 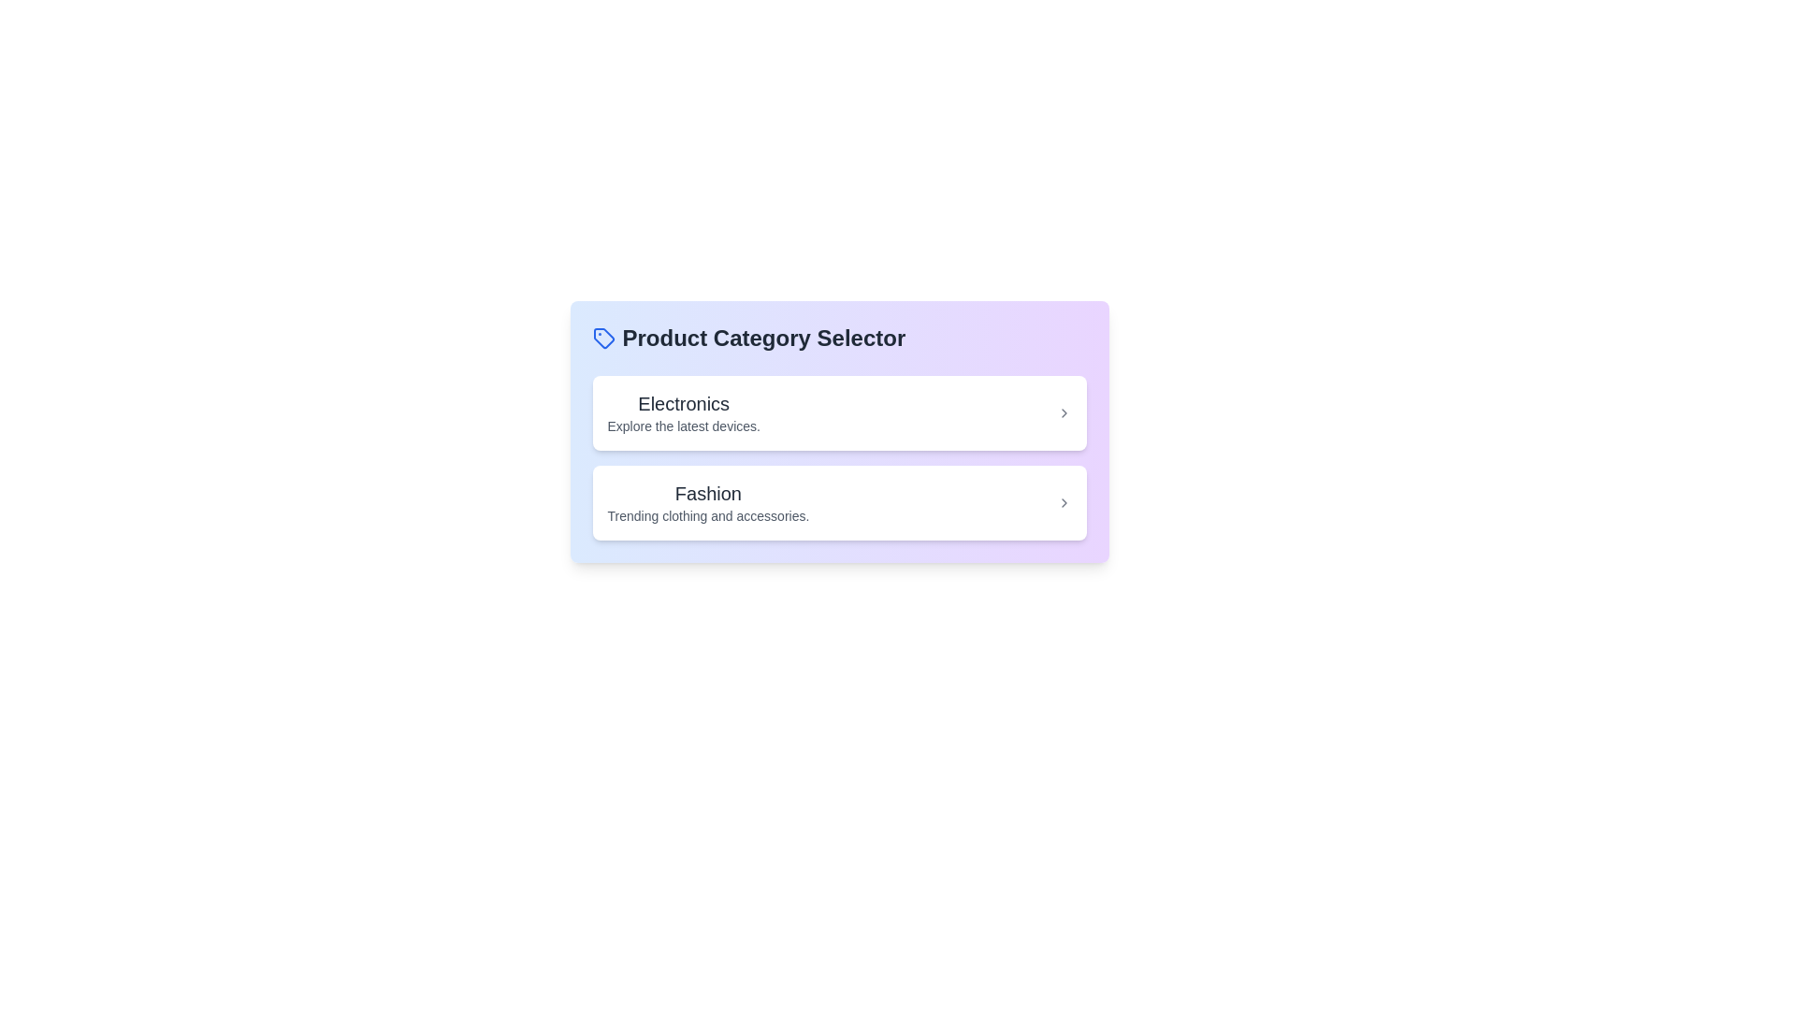 I want to click on the Text Label that serves as a category heading for fashion-related items, located beneath the title 'Electronics' and above the text 'Trending clothing and accessories', so click(x=707, y=493).